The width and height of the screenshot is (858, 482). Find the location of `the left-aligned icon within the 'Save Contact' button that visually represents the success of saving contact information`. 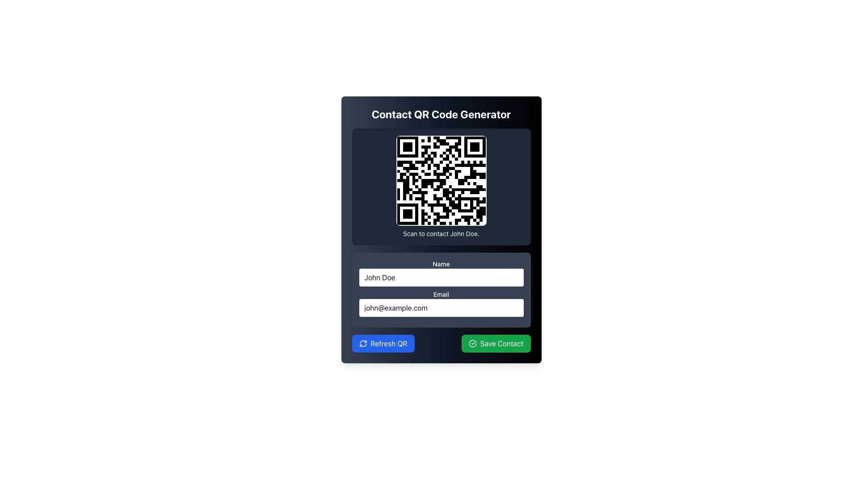

the left-aligned icon within the 'Save Contact' button that visually represents the success of saving contact information is located at coordinates (472, 343).